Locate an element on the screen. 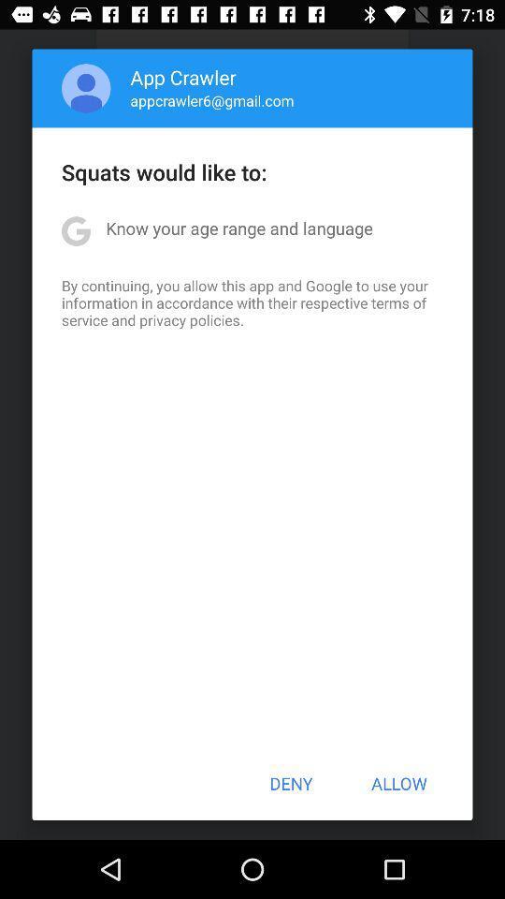  the icon above the by continuing you item is located at coordinates (239, 227).